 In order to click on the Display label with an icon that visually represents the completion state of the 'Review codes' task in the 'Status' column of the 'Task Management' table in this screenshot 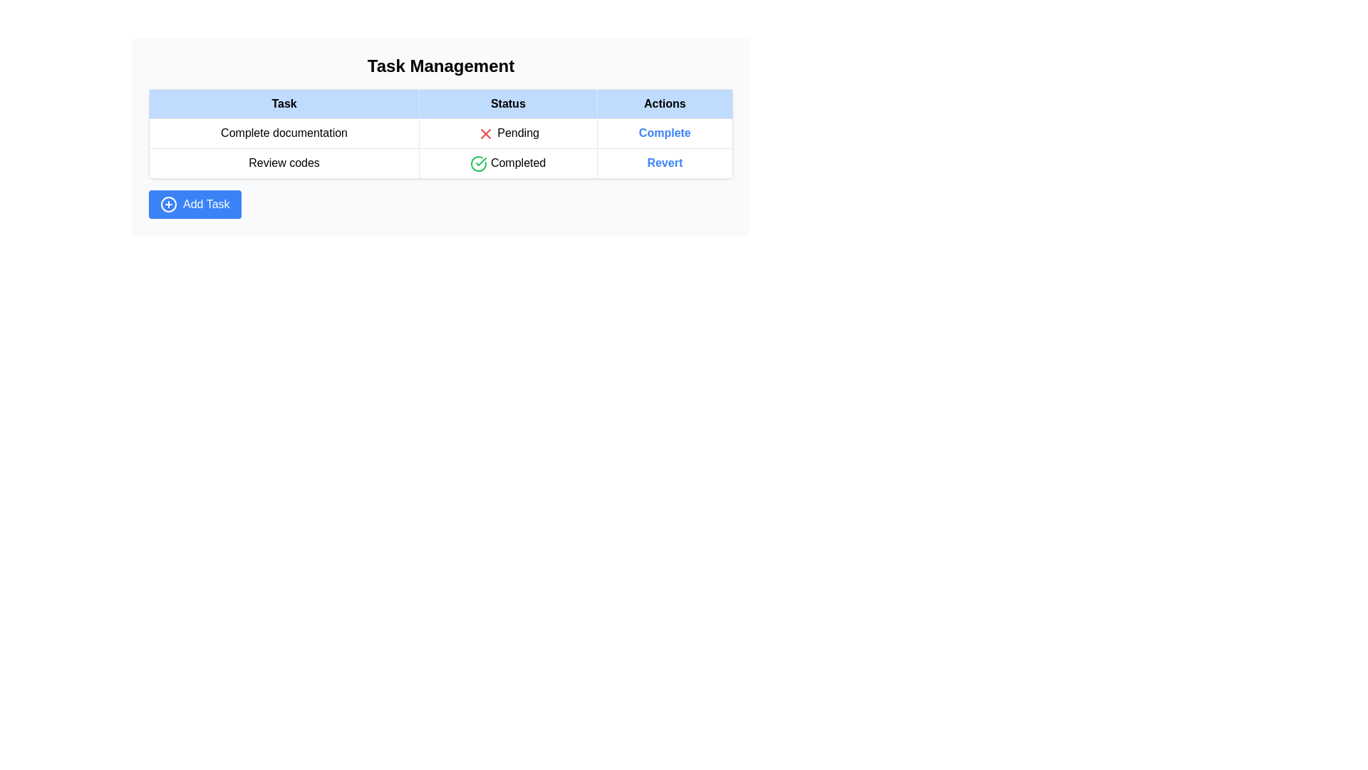, I will do `click(508, 163)`.